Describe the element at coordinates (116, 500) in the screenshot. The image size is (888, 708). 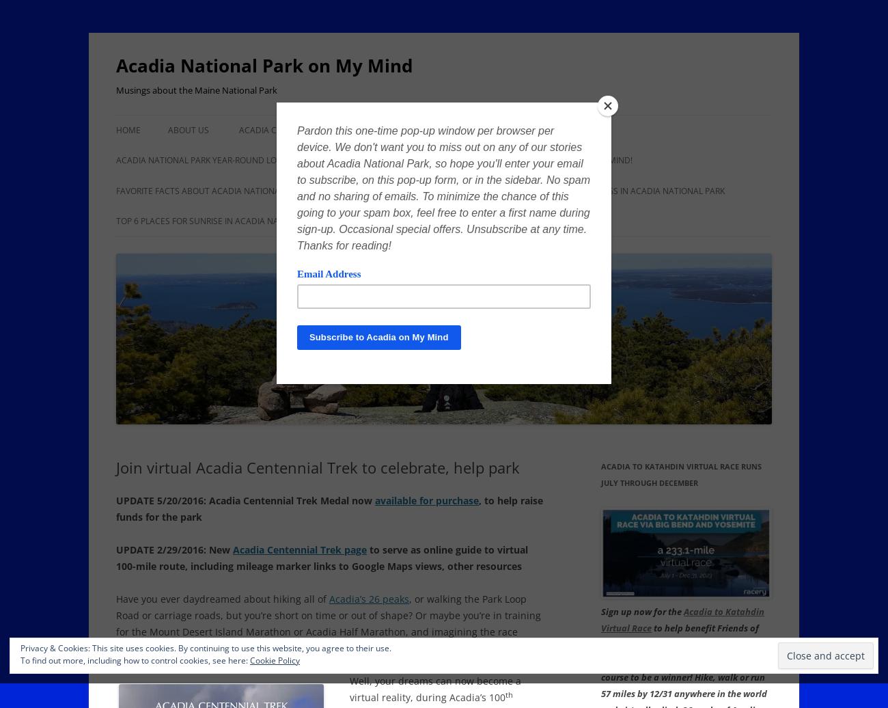
I see `'UPDATE 5/20/2016: Acadia Centennial Trek Medal now'` at that location.